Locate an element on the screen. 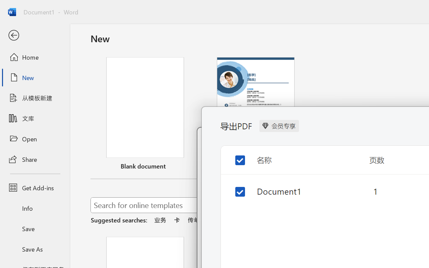  'select row' is located at coordinates (235, 187).